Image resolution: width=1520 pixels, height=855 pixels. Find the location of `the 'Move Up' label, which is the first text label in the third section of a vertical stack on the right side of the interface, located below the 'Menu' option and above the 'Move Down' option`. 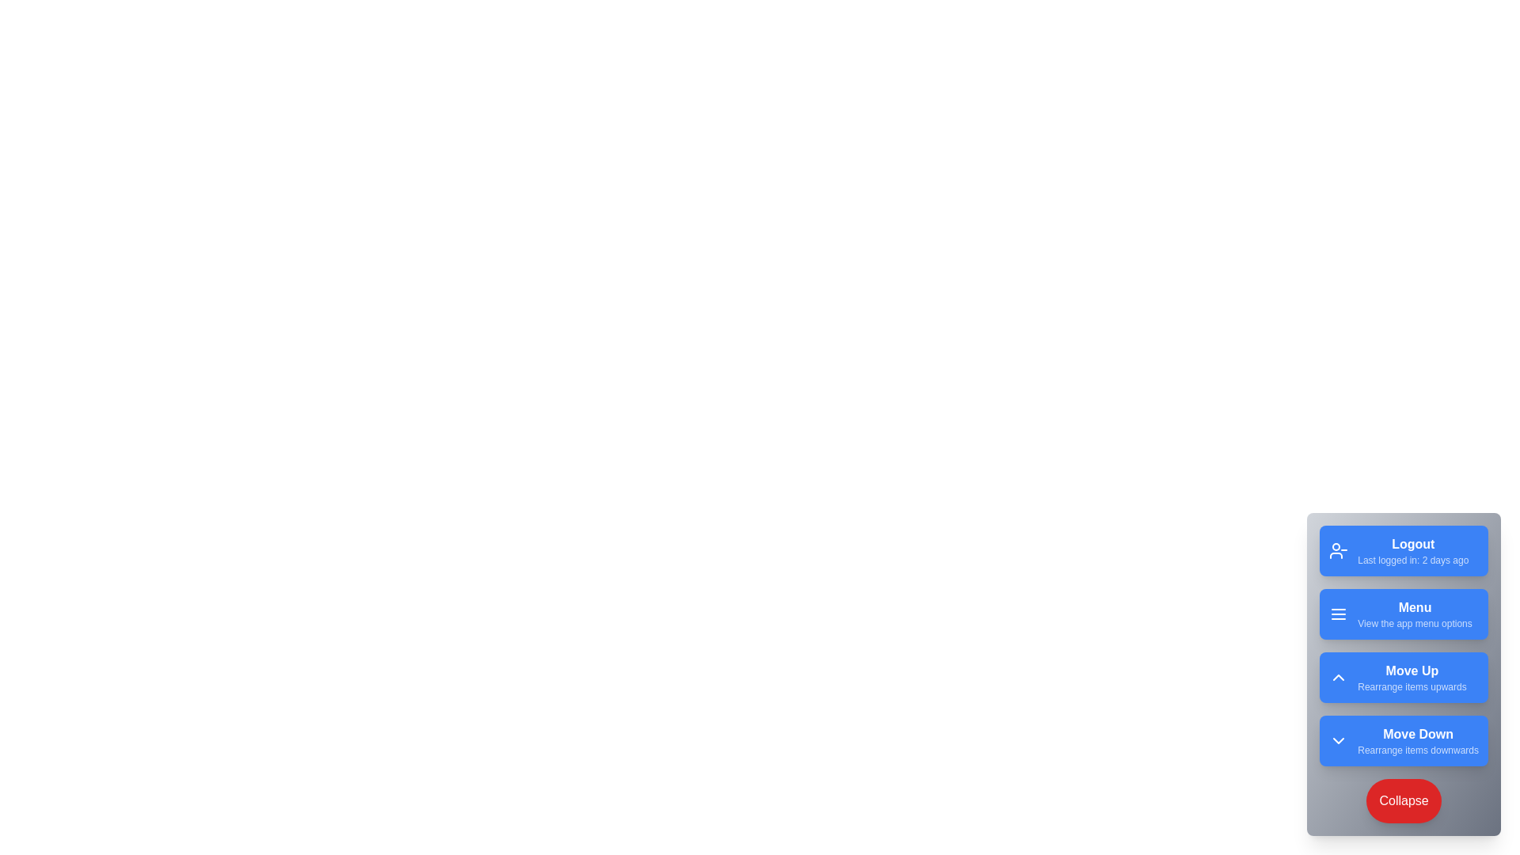

the 'Move Up' label, which is the first text label in the third section of a vertical stack on the right side of the interface, located below the 'Menu' option and above the 'Move Down' option is located at coordinates (1412, 671).